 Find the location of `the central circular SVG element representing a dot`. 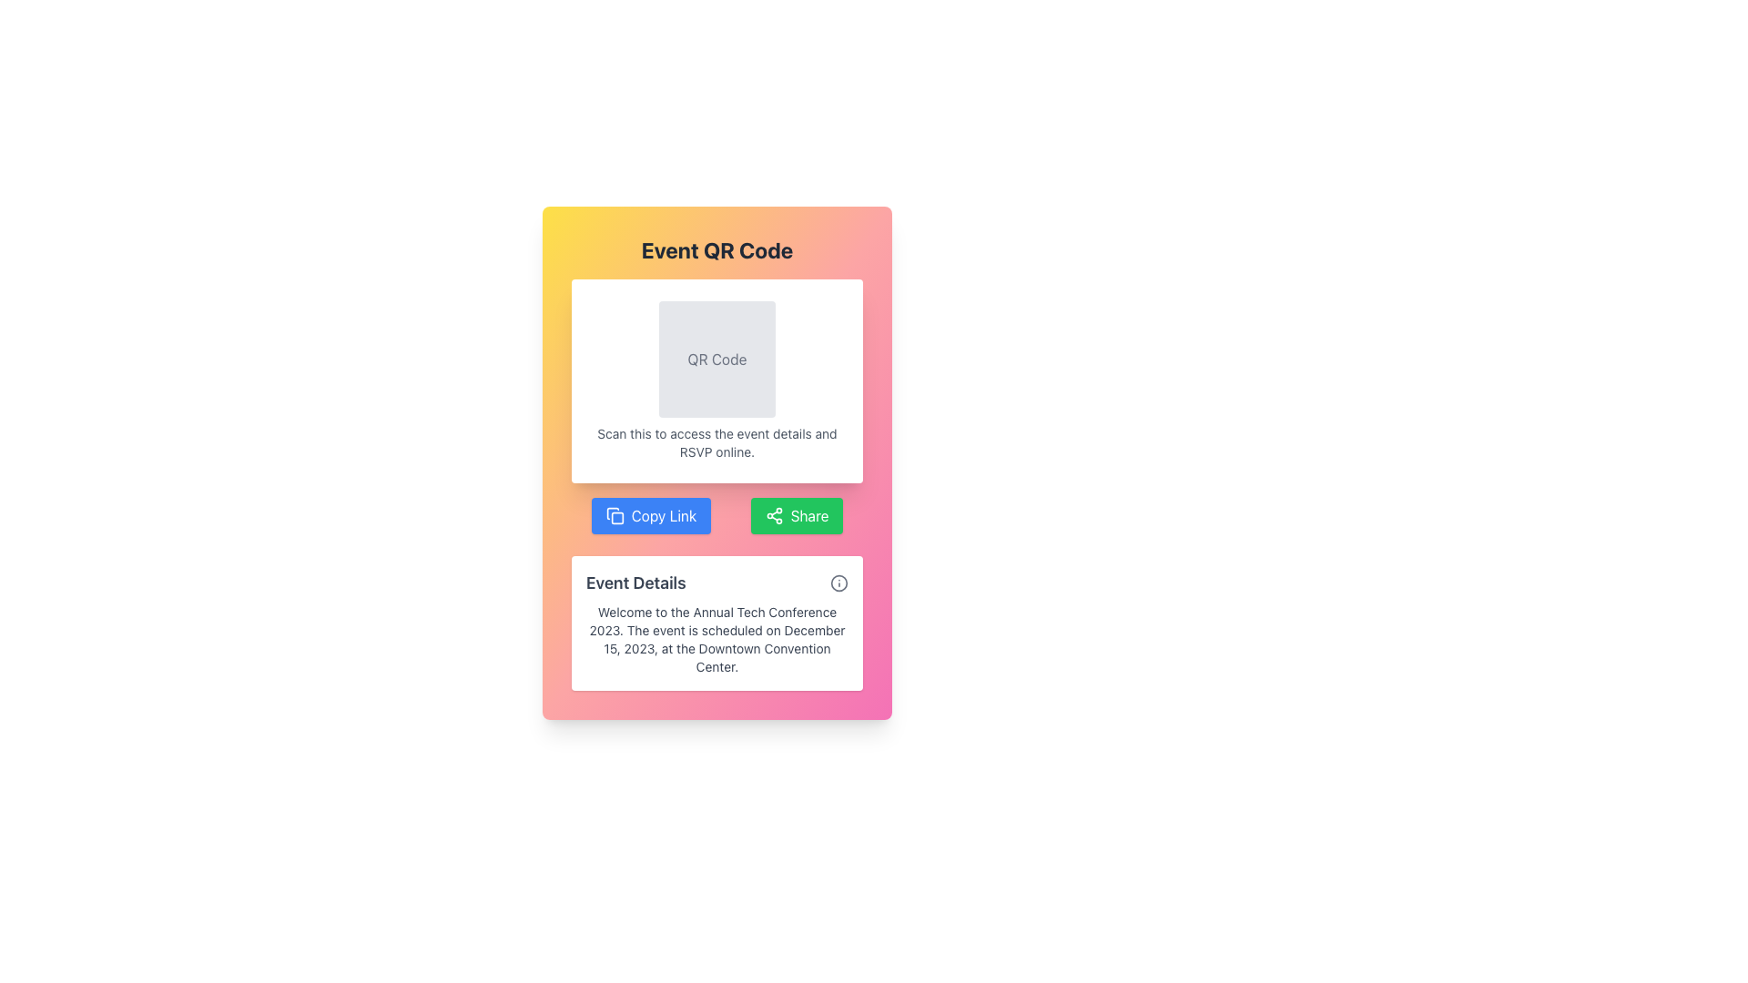

the central circular SVG element representing a dot is located at coordinates (838, 583).